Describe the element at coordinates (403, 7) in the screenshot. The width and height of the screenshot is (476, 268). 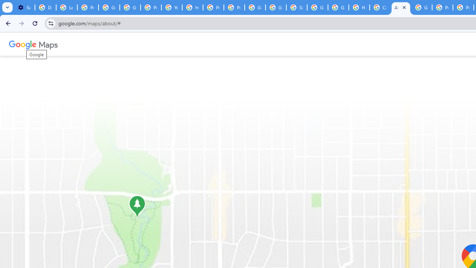
I see `'Close'` at that location.